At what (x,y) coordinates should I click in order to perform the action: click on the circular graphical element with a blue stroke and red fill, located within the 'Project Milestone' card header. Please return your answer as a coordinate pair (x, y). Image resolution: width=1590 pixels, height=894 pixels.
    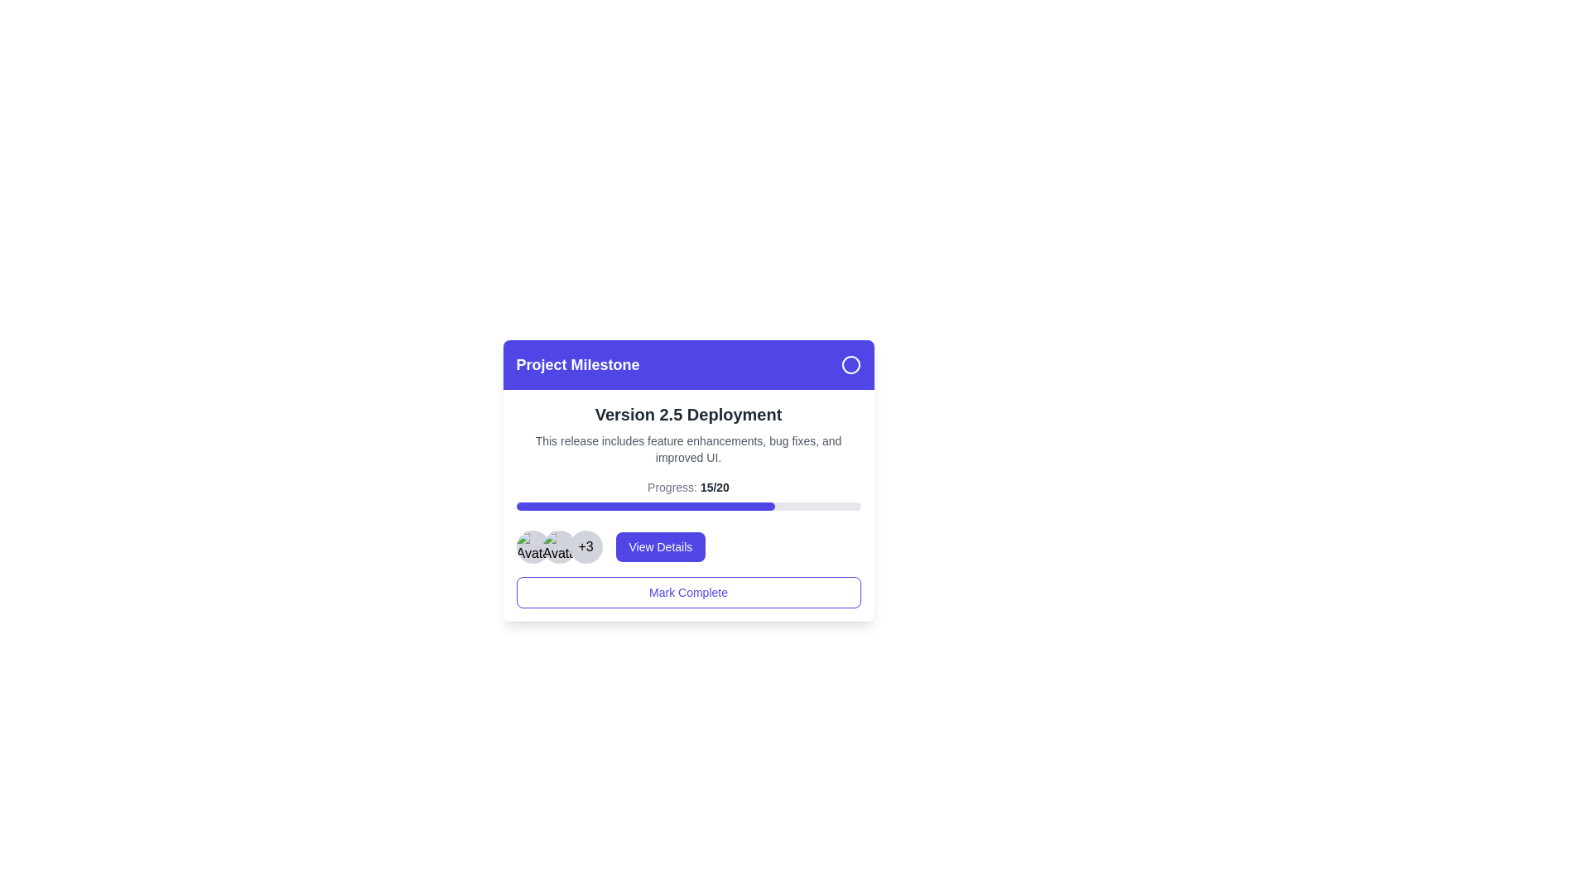
    Looking at the image, I should click on (850, 363).